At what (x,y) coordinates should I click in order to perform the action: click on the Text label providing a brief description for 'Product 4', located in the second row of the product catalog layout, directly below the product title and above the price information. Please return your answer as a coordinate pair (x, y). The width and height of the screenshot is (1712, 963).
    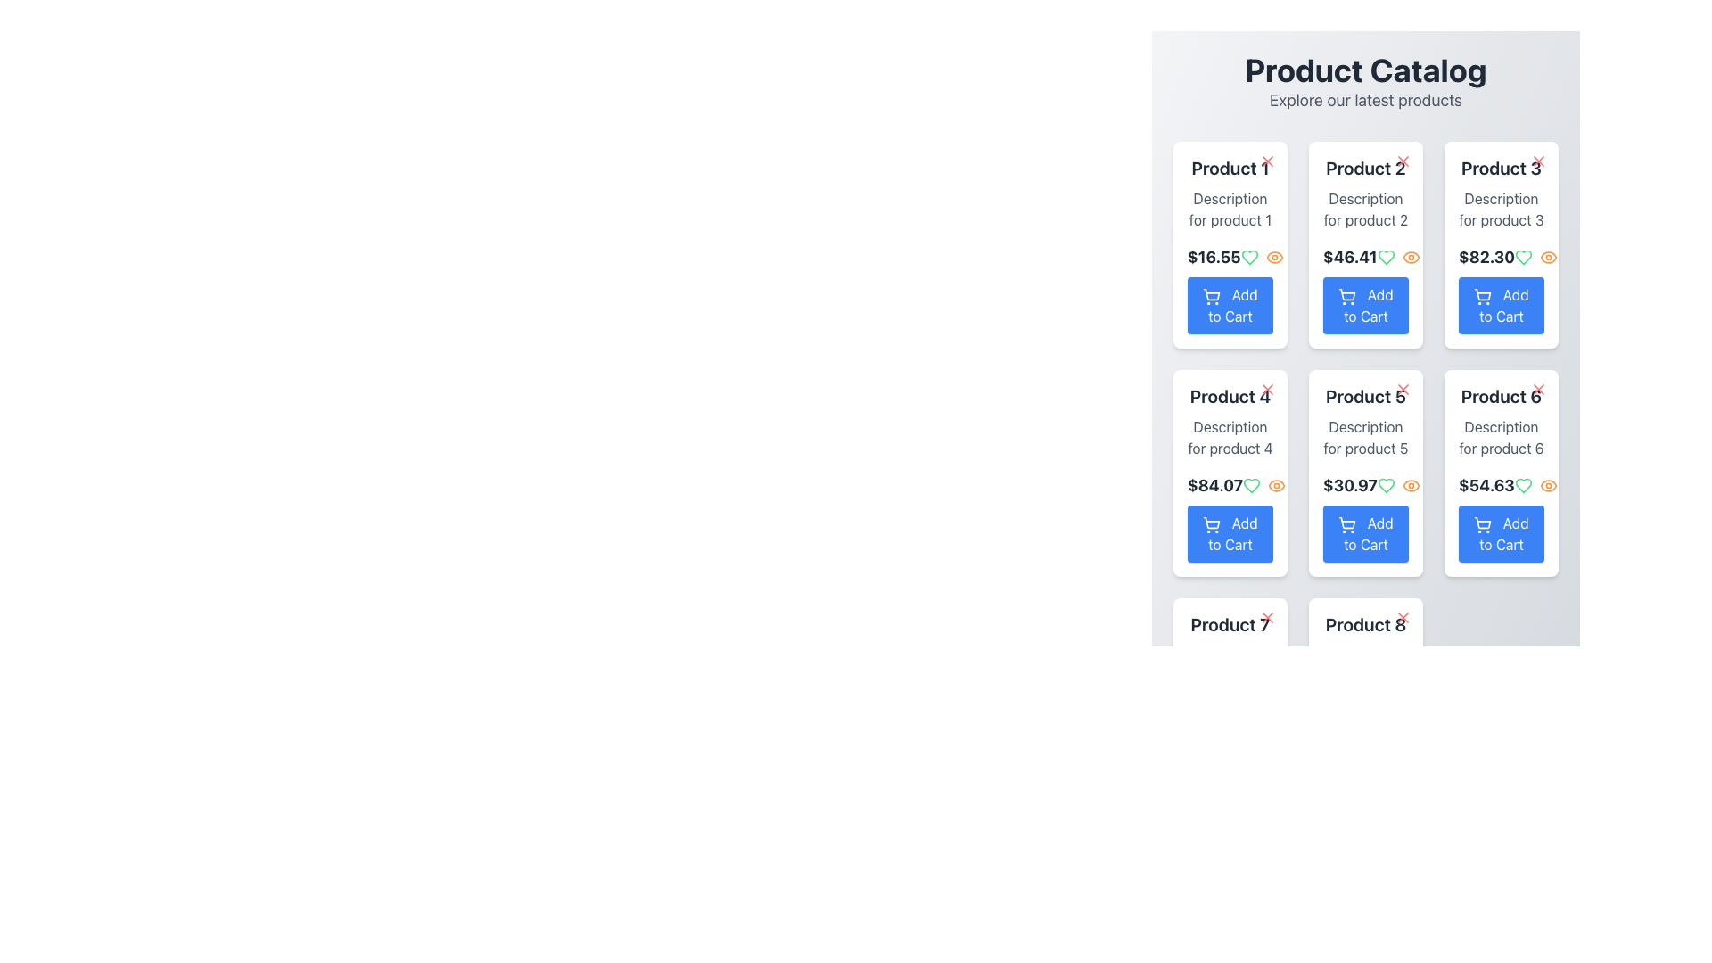
    Looking at the image, I should click on (1230, 437).